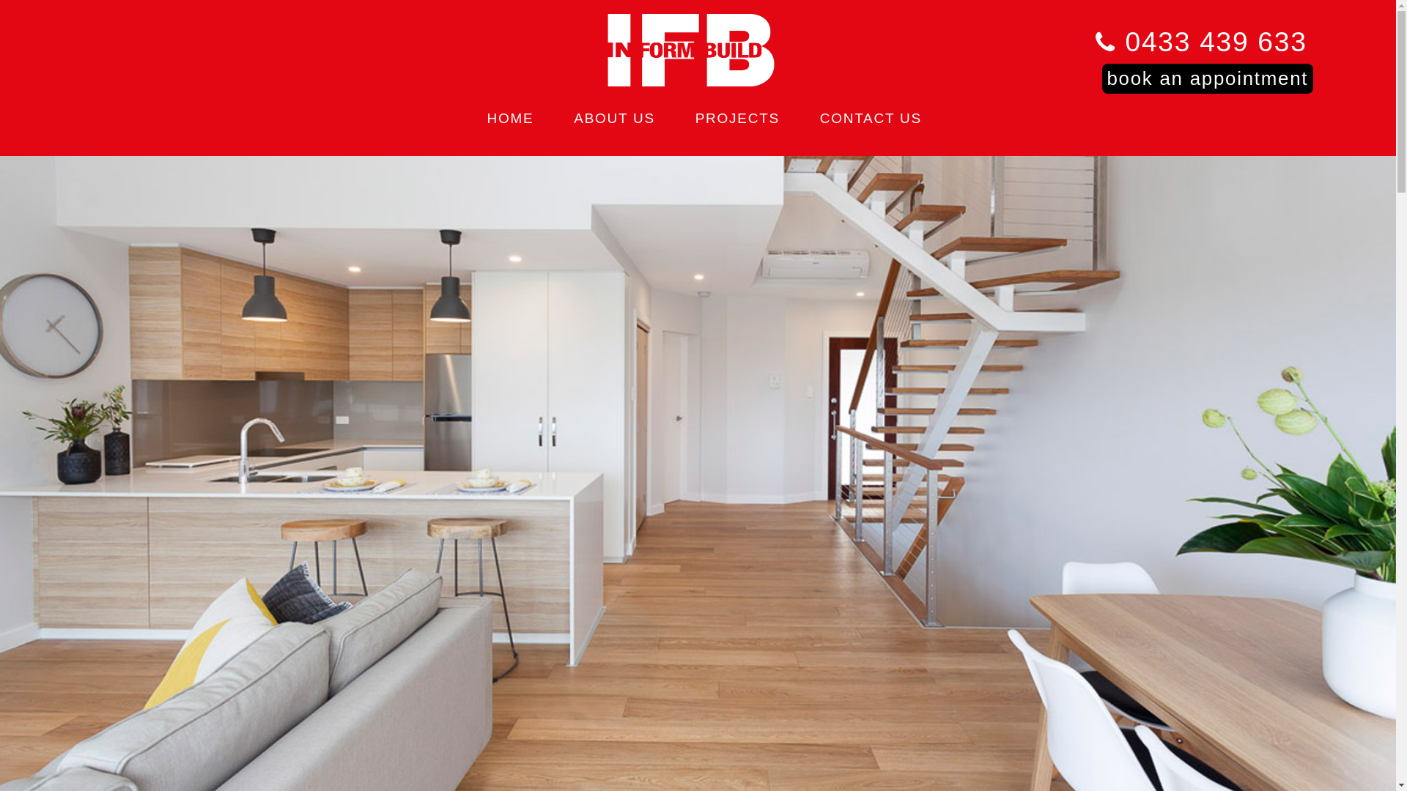  I want to click on '0433 439 633', so click(1095, 41).